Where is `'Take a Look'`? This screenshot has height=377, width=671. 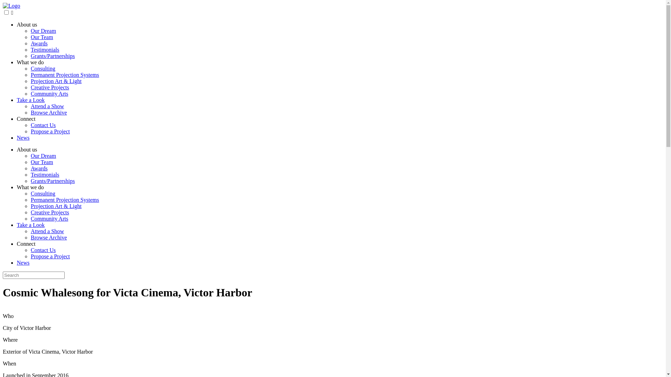
'Take a Look' is located at coordinates (17, 225).